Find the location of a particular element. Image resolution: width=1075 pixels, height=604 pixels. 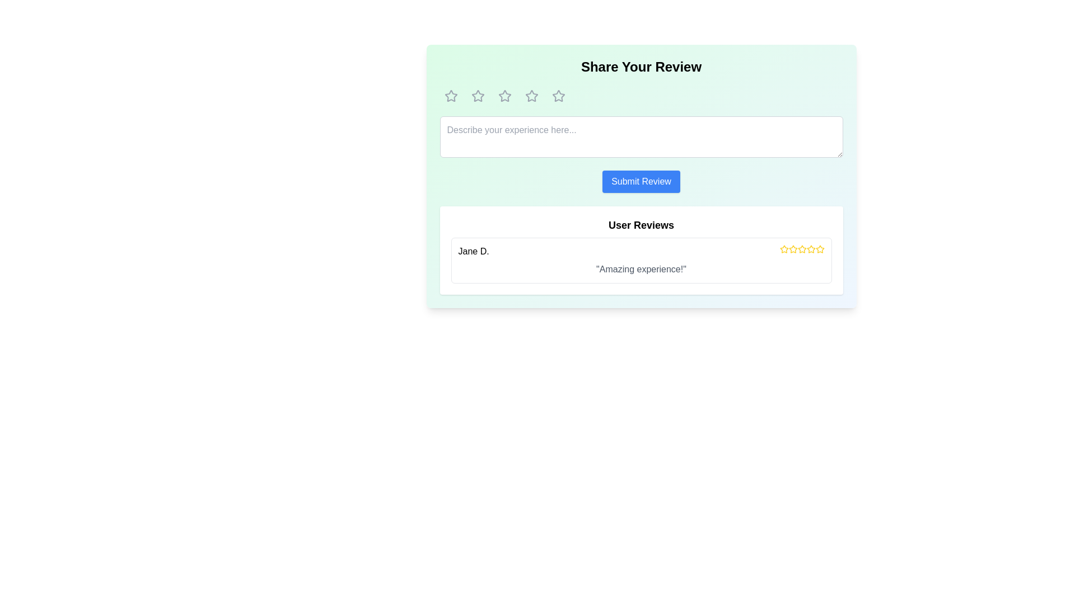

the third star icon in the rating system is located at coordinates (531, 95).